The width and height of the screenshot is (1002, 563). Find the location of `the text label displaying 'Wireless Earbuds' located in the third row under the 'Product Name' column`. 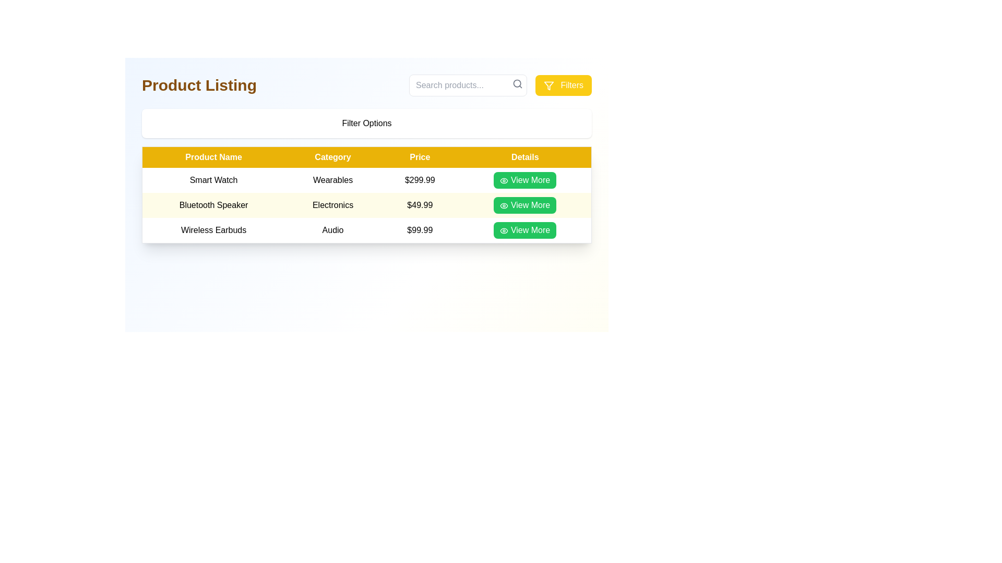

the text label displaying 'Wireless Earbuds' located in the third row under the 'Product Name' column is located at coordinates (213, 230).